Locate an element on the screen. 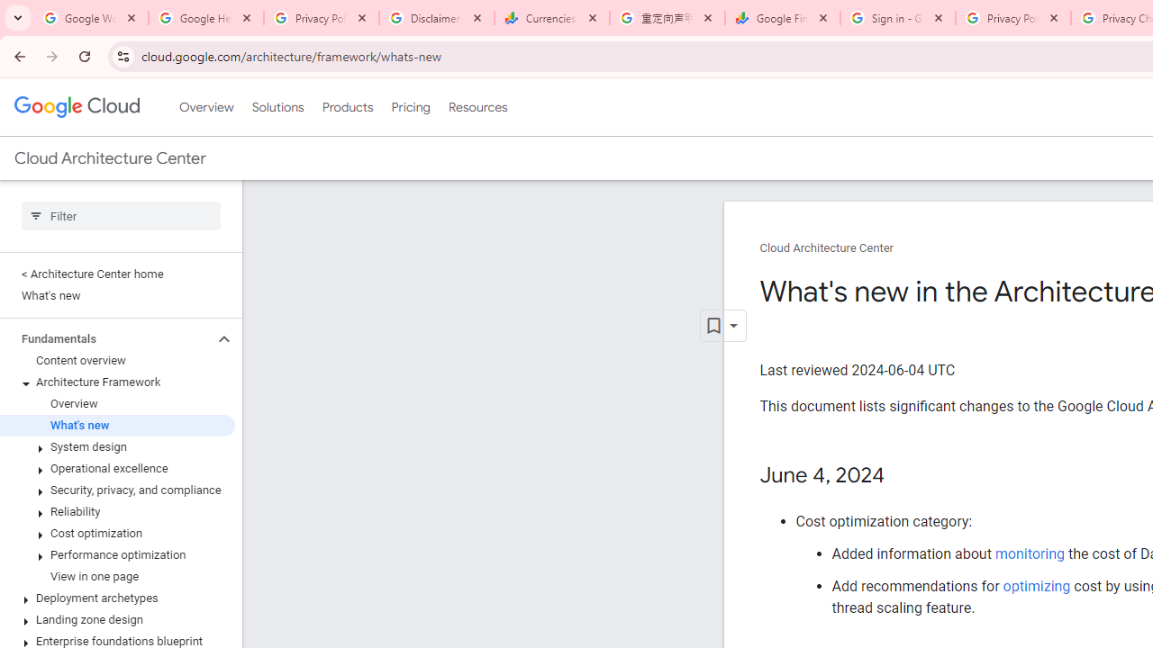 This screenshot has width=1153, height=648. 'Pricing' is located at coordinates (409, 107).